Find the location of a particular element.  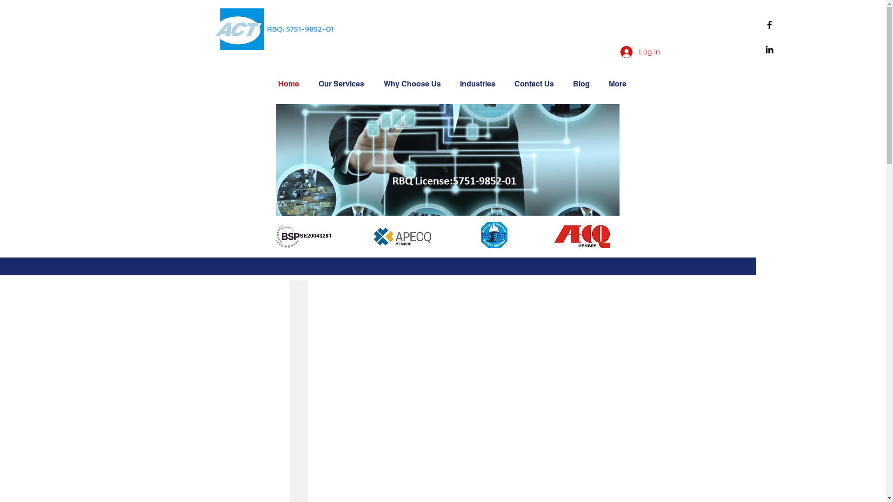

'Contact Us' is located at coordinates (536, 84).